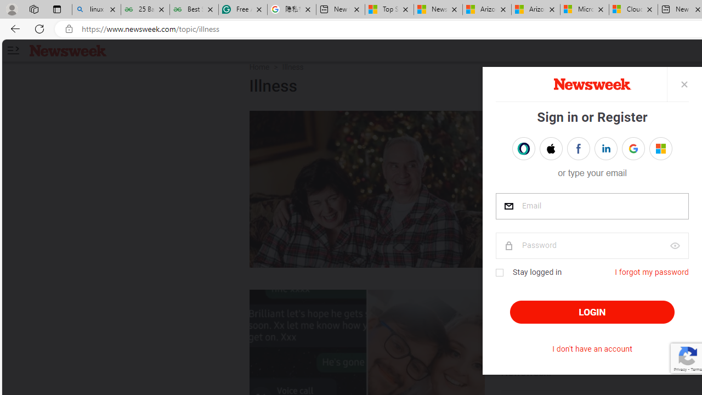 Image resolution: width=702 pixels, height=395 pixels. What do you see at coordinates (551, 149) in the screenshot?
I see `'Sign in with APPLE'` at bounding box center [551, 149].